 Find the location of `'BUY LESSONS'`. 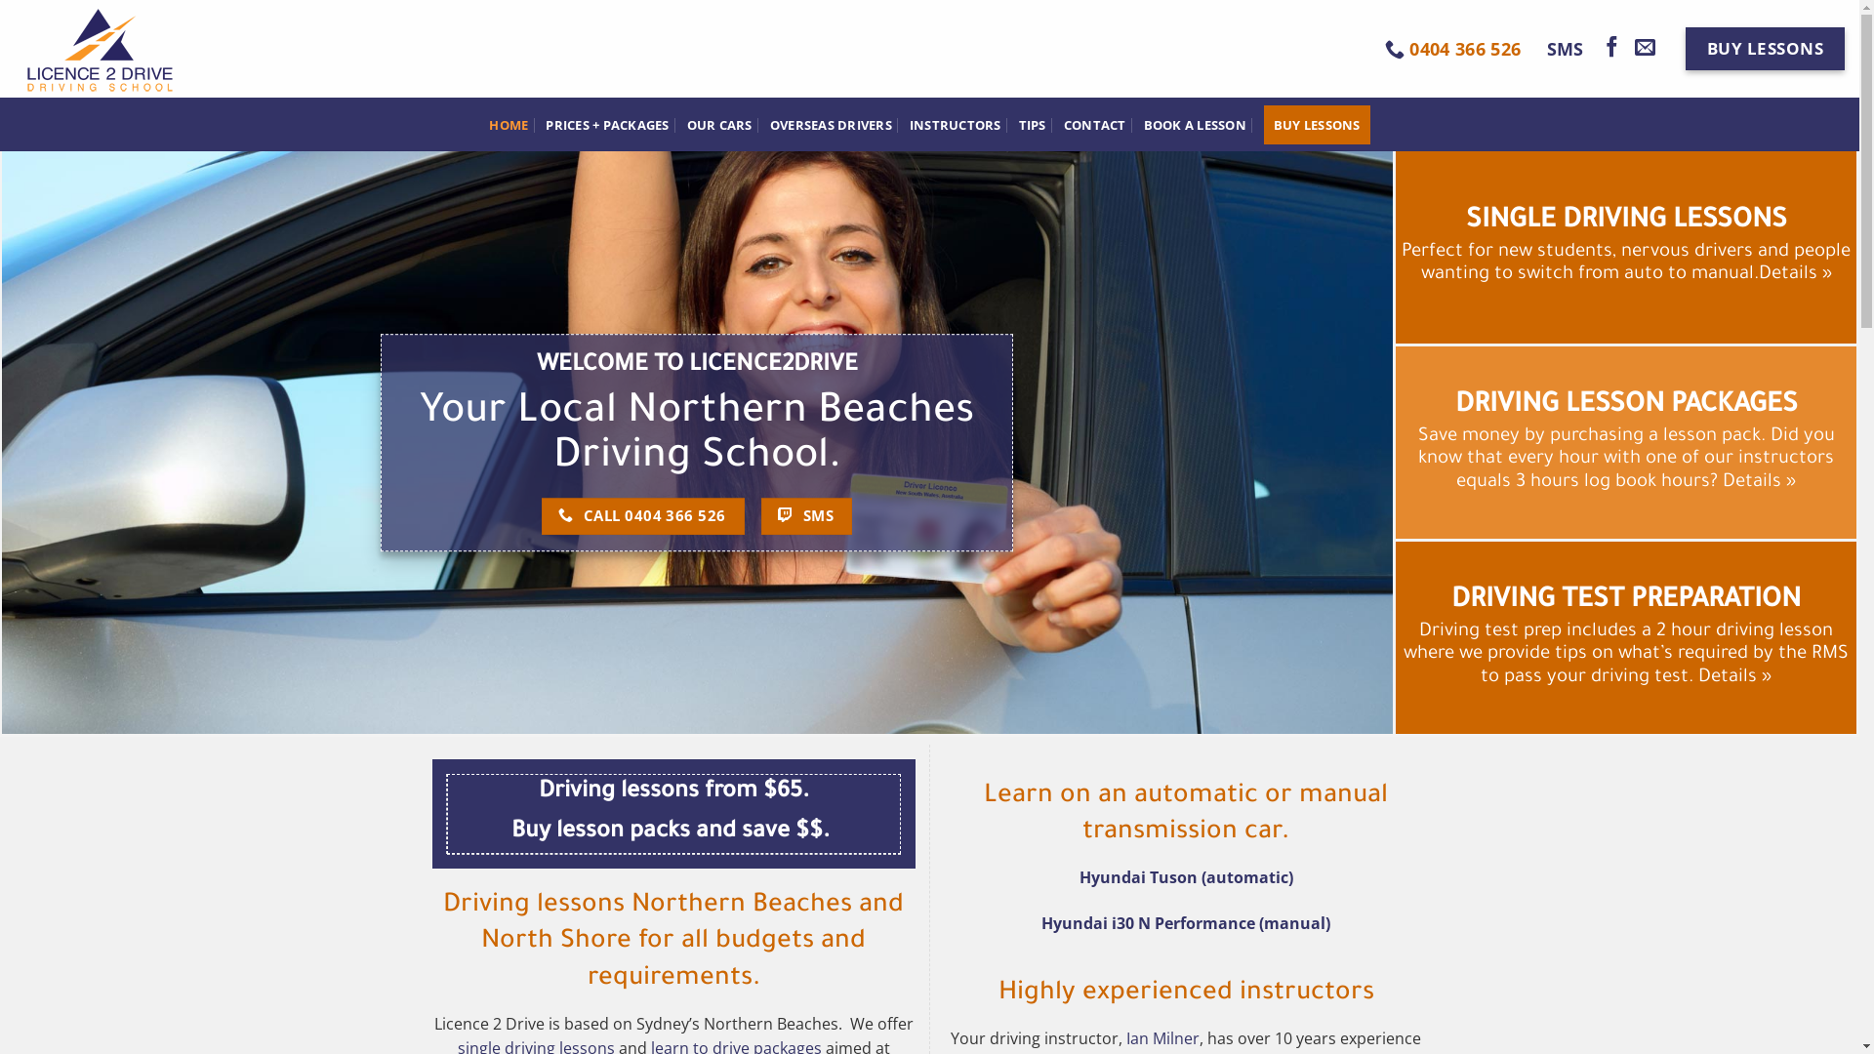

'BUY LESSONS' is located at coordinates (1765, 47).